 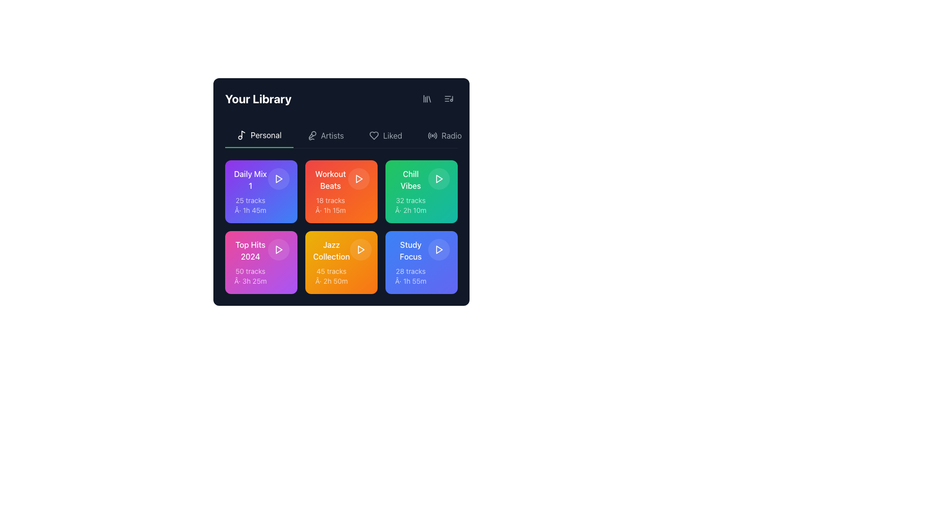 What do you see at coordinates (332, 136) in the screenshot?
I see `the 'Artists' text label in the horizontal navigation bar` at bounding box center [332, 136].